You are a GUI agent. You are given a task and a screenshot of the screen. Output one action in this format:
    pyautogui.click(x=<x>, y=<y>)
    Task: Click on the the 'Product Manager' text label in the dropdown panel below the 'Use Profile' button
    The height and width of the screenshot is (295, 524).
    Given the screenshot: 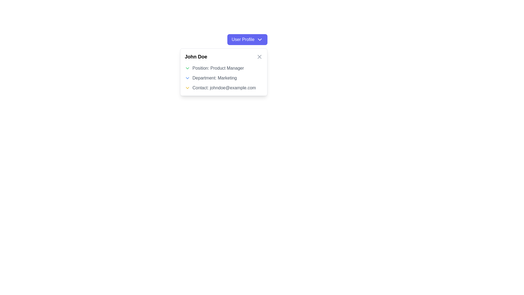 What is the action you would take?
    pyautogui.click(x=224, y=68)
    